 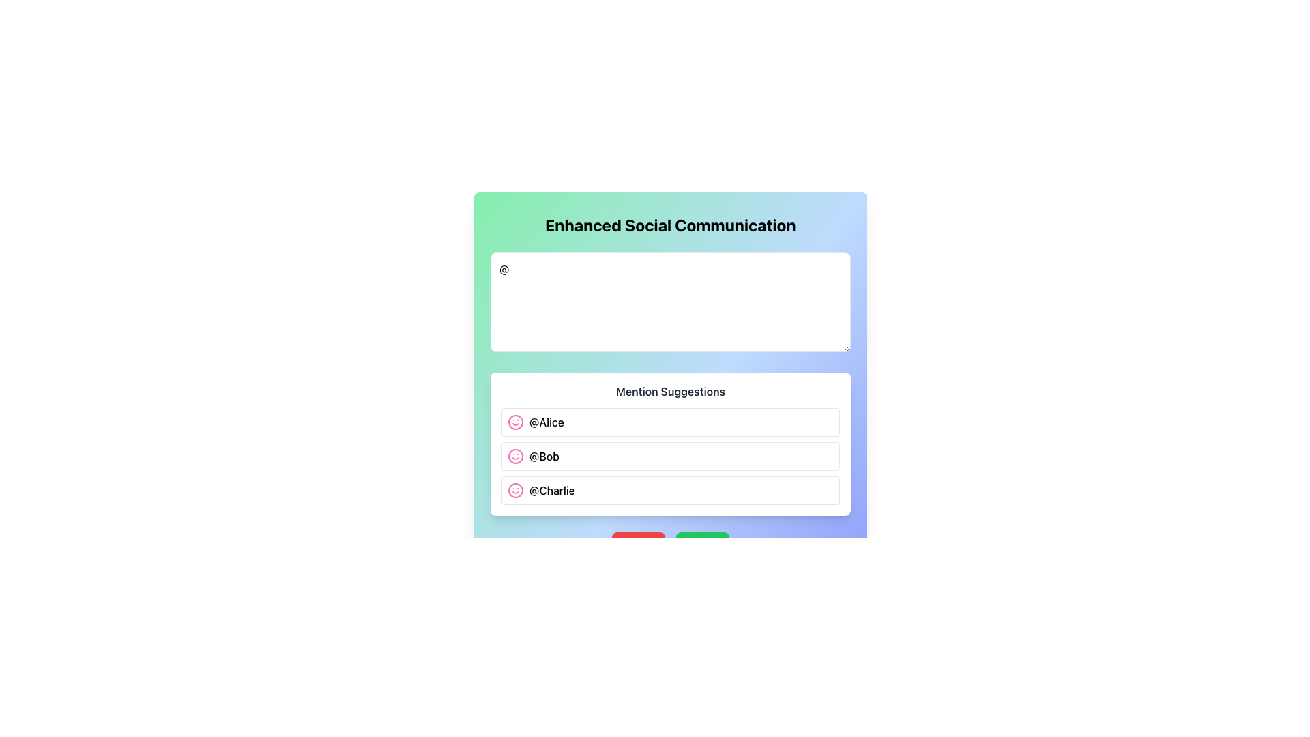 I want to click on the second suggestion button labeled '@Bob' located in the 'Mention Suggestions' section below the input field, so click(x=671, y=456).